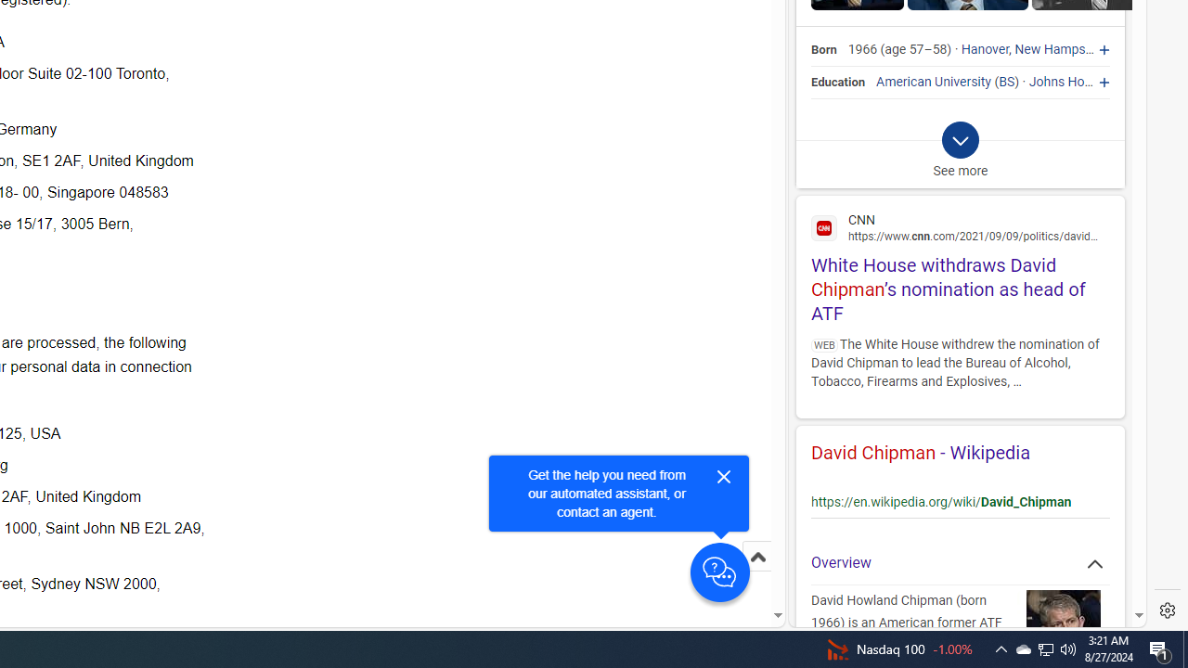 The width and height of the screenshot is (1188, 668). Describe the element at coordinates (757, 555) in the screenshot. I see `'Scroll to top'` at that location.